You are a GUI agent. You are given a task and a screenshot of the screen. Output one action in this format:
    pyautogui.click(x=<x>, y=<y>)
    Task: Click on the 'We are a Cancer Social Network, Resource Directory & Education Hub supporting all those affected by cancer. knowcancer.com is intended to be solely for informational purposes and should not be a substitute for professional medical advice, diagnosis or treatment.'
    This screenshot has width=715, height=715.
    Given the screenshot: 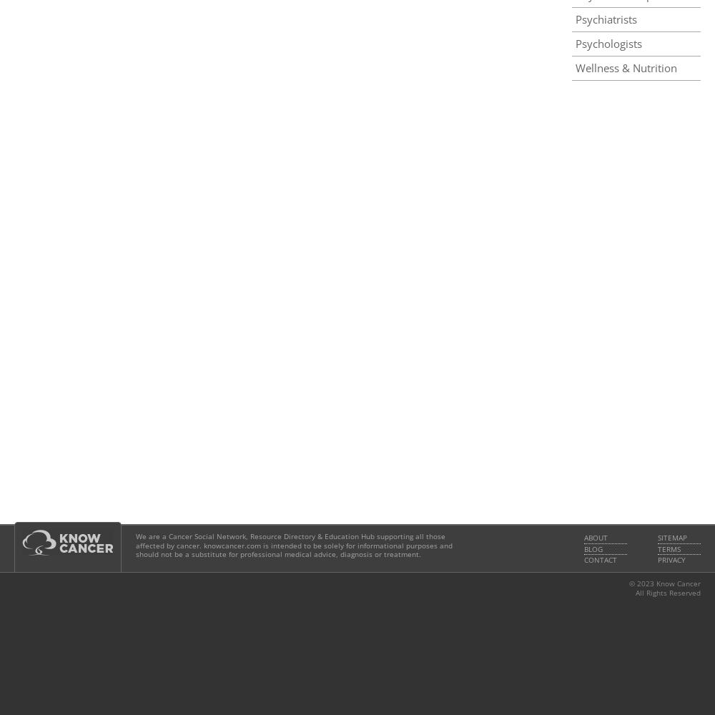 What is the action you would take?
    pyautogui.click(x=135, y=546)
    